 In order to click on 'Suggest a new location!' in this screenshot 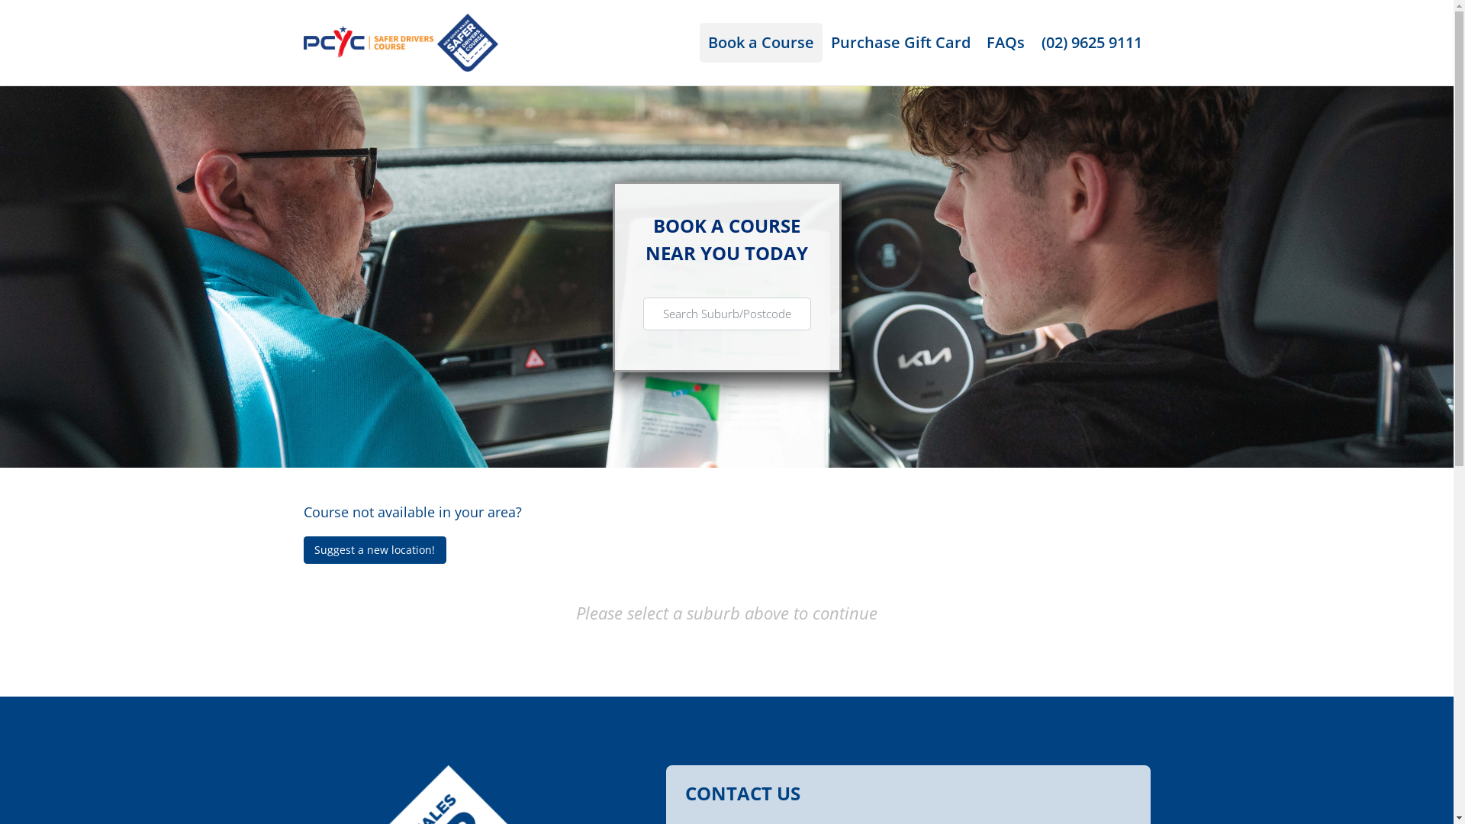, I will do `click(304, 550)`.